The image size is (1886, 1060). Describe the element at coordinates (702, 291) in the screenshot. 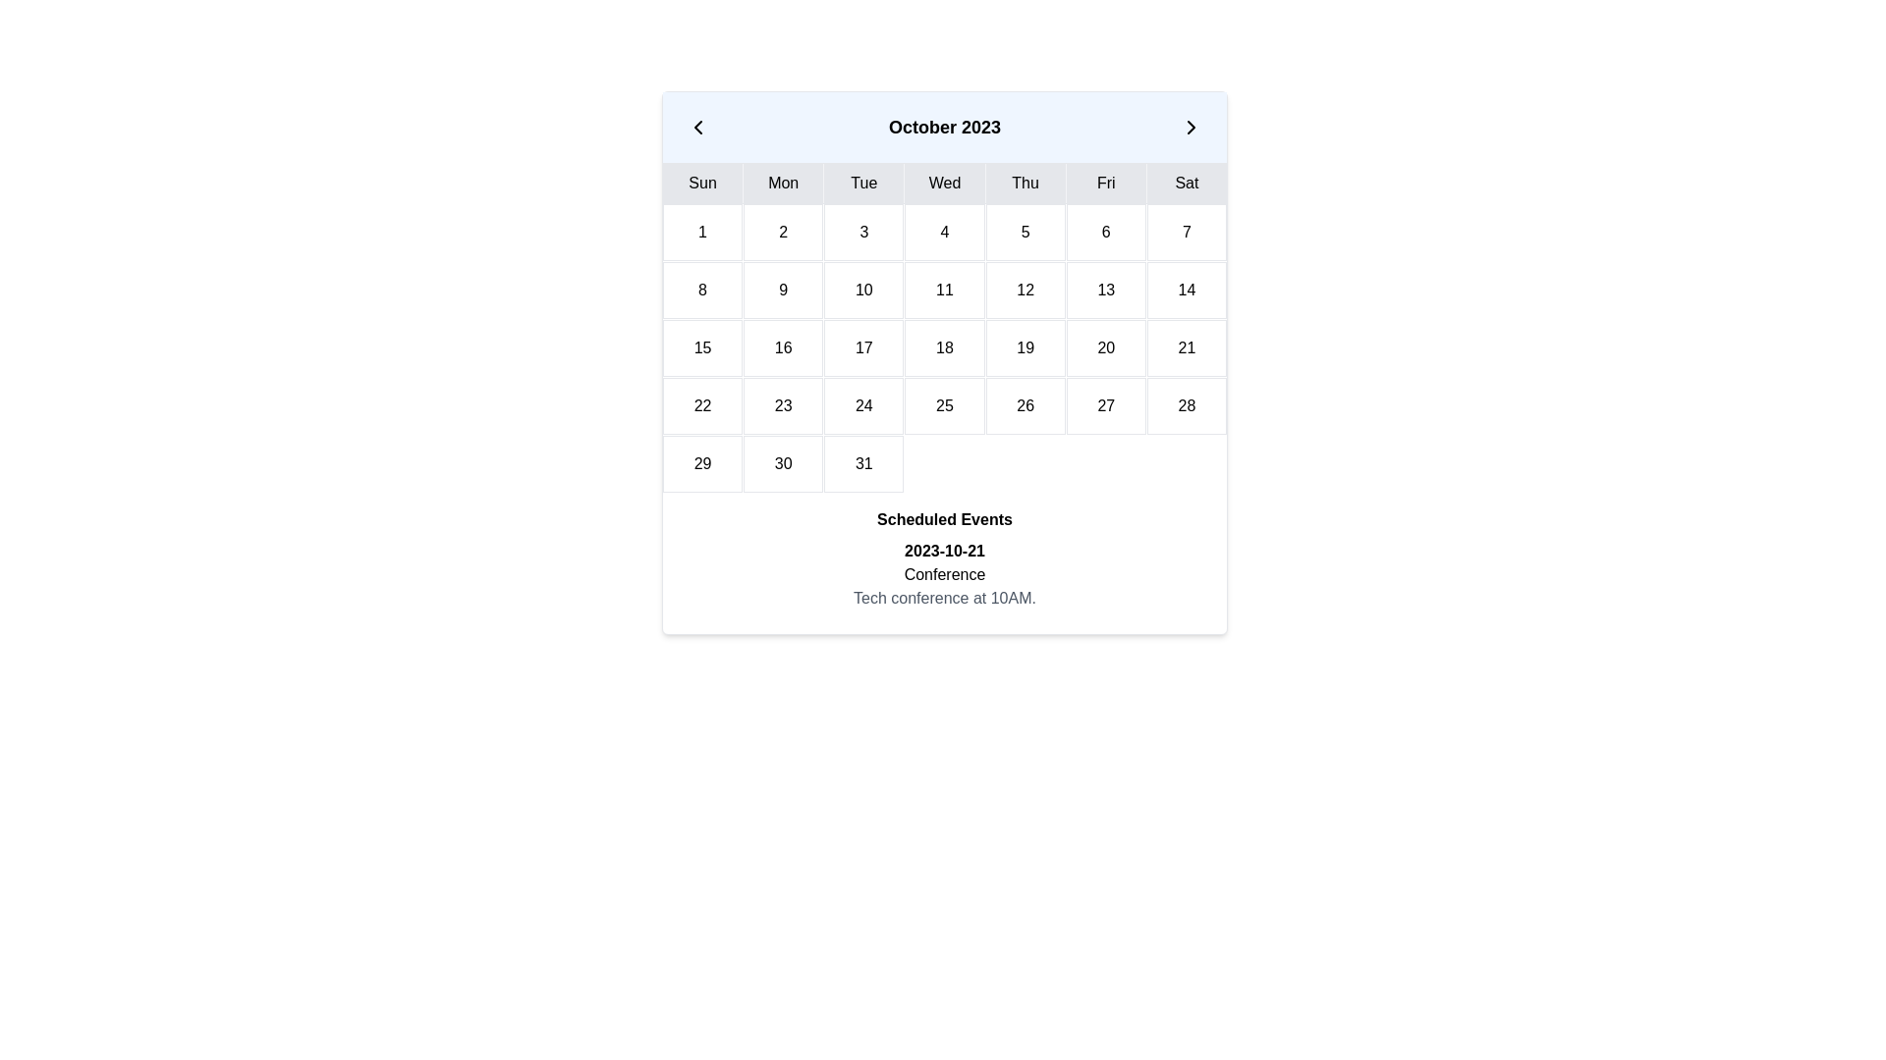

I see `the Calendar date cell displaying the number '8' located in the second row and first column of the grid under the 'Sun' header` at that location.